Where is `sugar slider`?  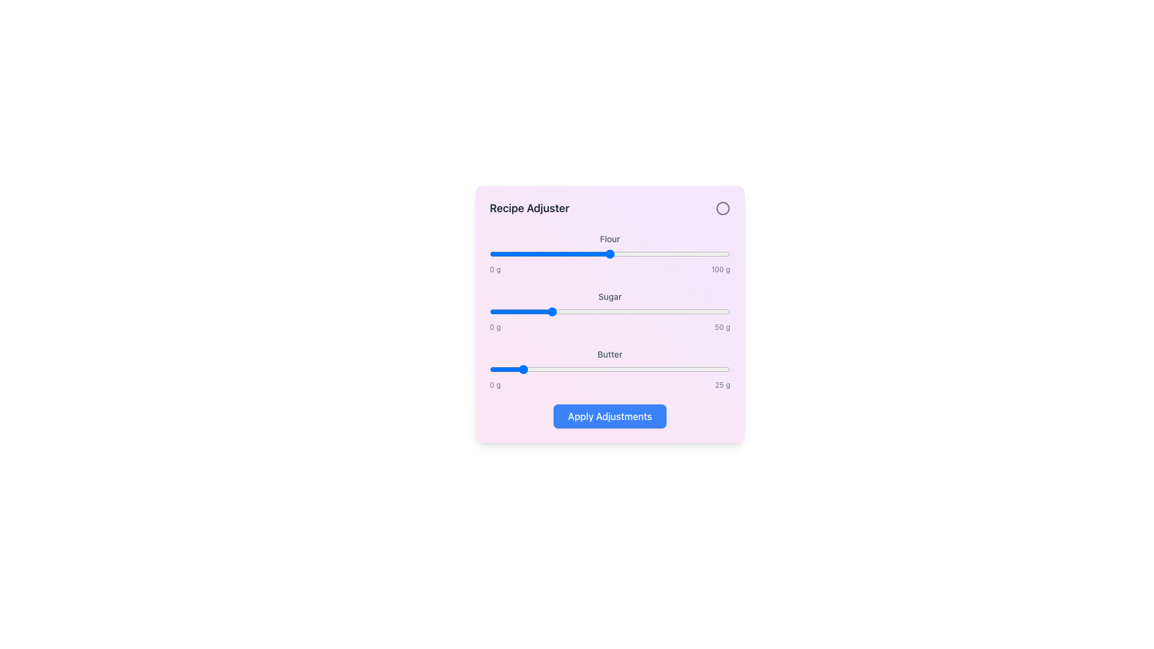 sugar slider is located at coordinates (587, 311).